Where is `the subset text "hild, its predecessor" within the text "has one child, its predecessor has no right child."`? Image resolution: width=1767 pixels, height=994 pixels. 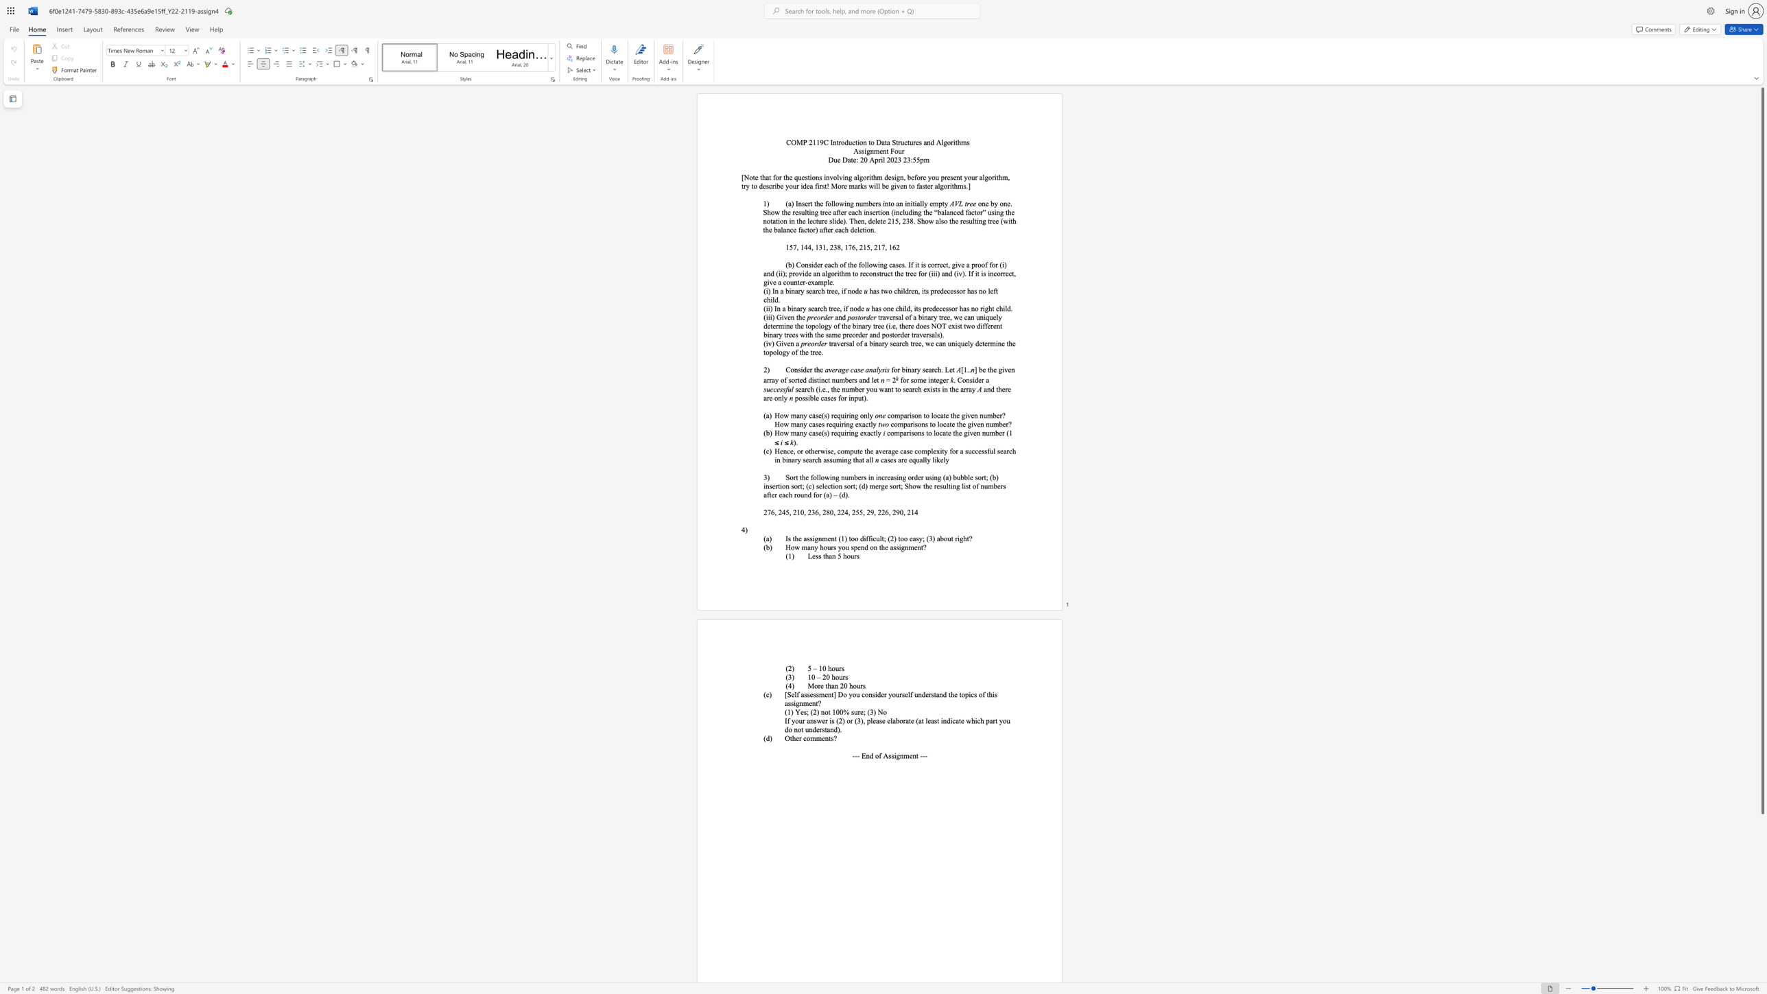
the subset text "hild, its predecessor" within the text "has one child, its predecessor has no right child." is located at coordinates (898, 308).